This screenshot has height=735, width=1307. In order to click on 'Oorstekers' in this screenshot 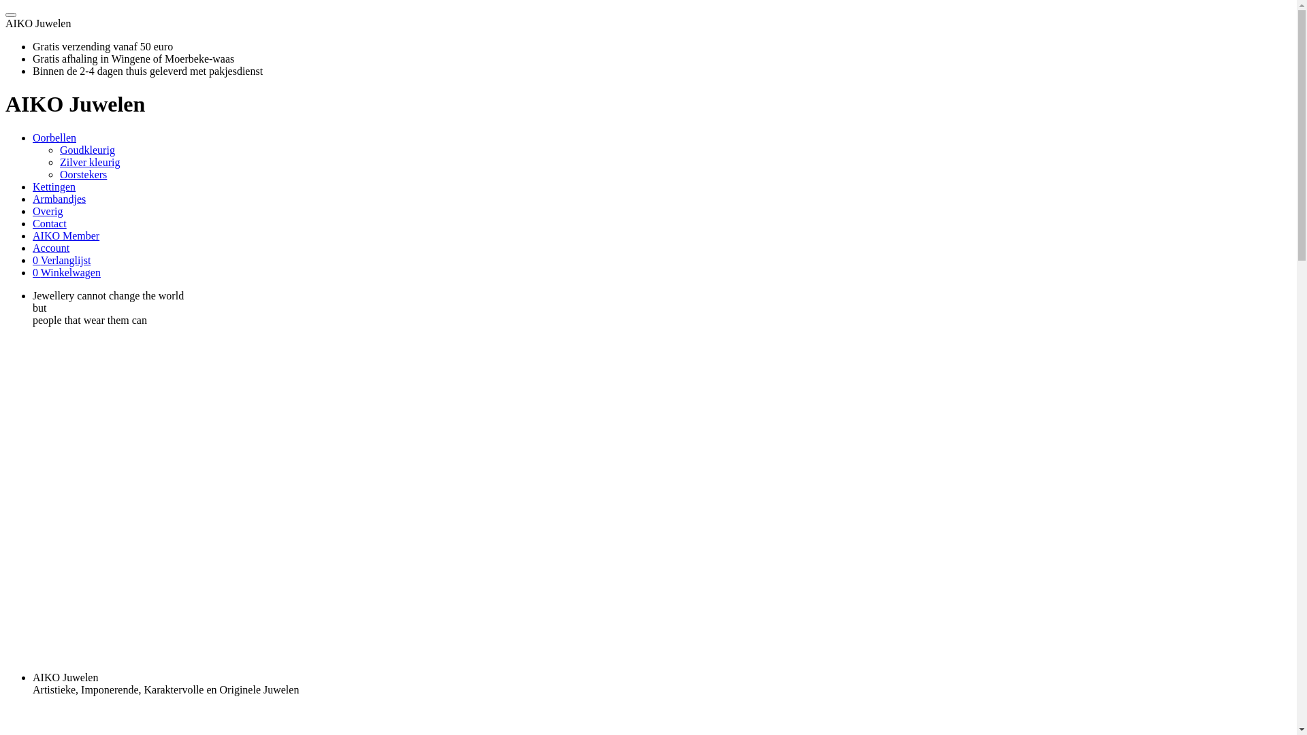, I will do `click(82, 174)`.